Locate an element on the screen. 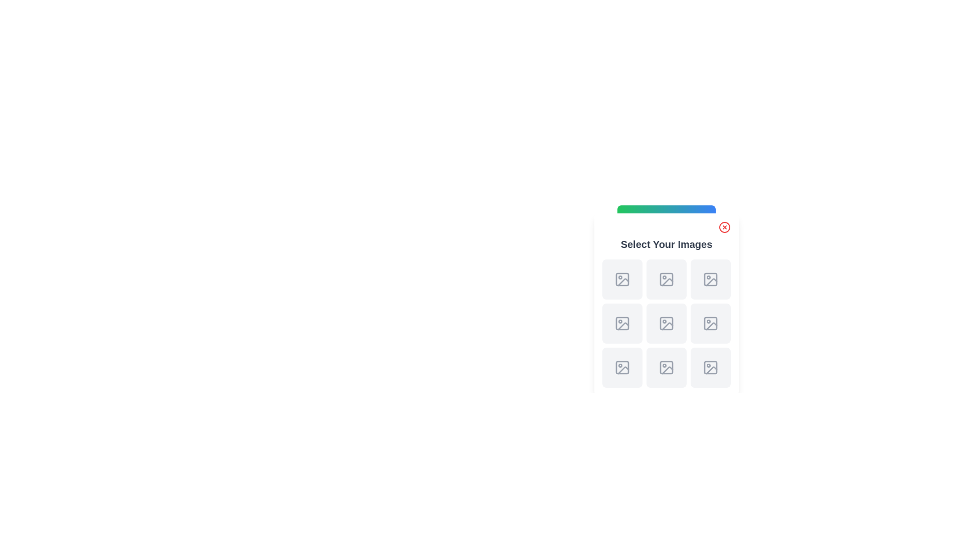 The image size is (963, 541). the small, square UI component with rounded corners located in the bottom-right corner of a 3x3 grid of image icons to interact with or select the image is located at coordinates (710, 367).